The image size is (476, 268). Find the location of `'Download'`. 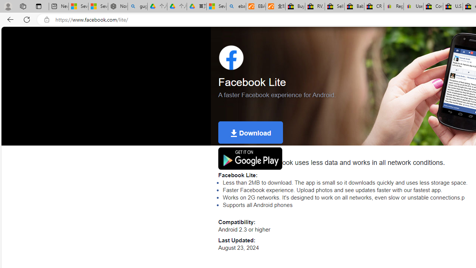

'Download' is located at coordinates (251, 132).